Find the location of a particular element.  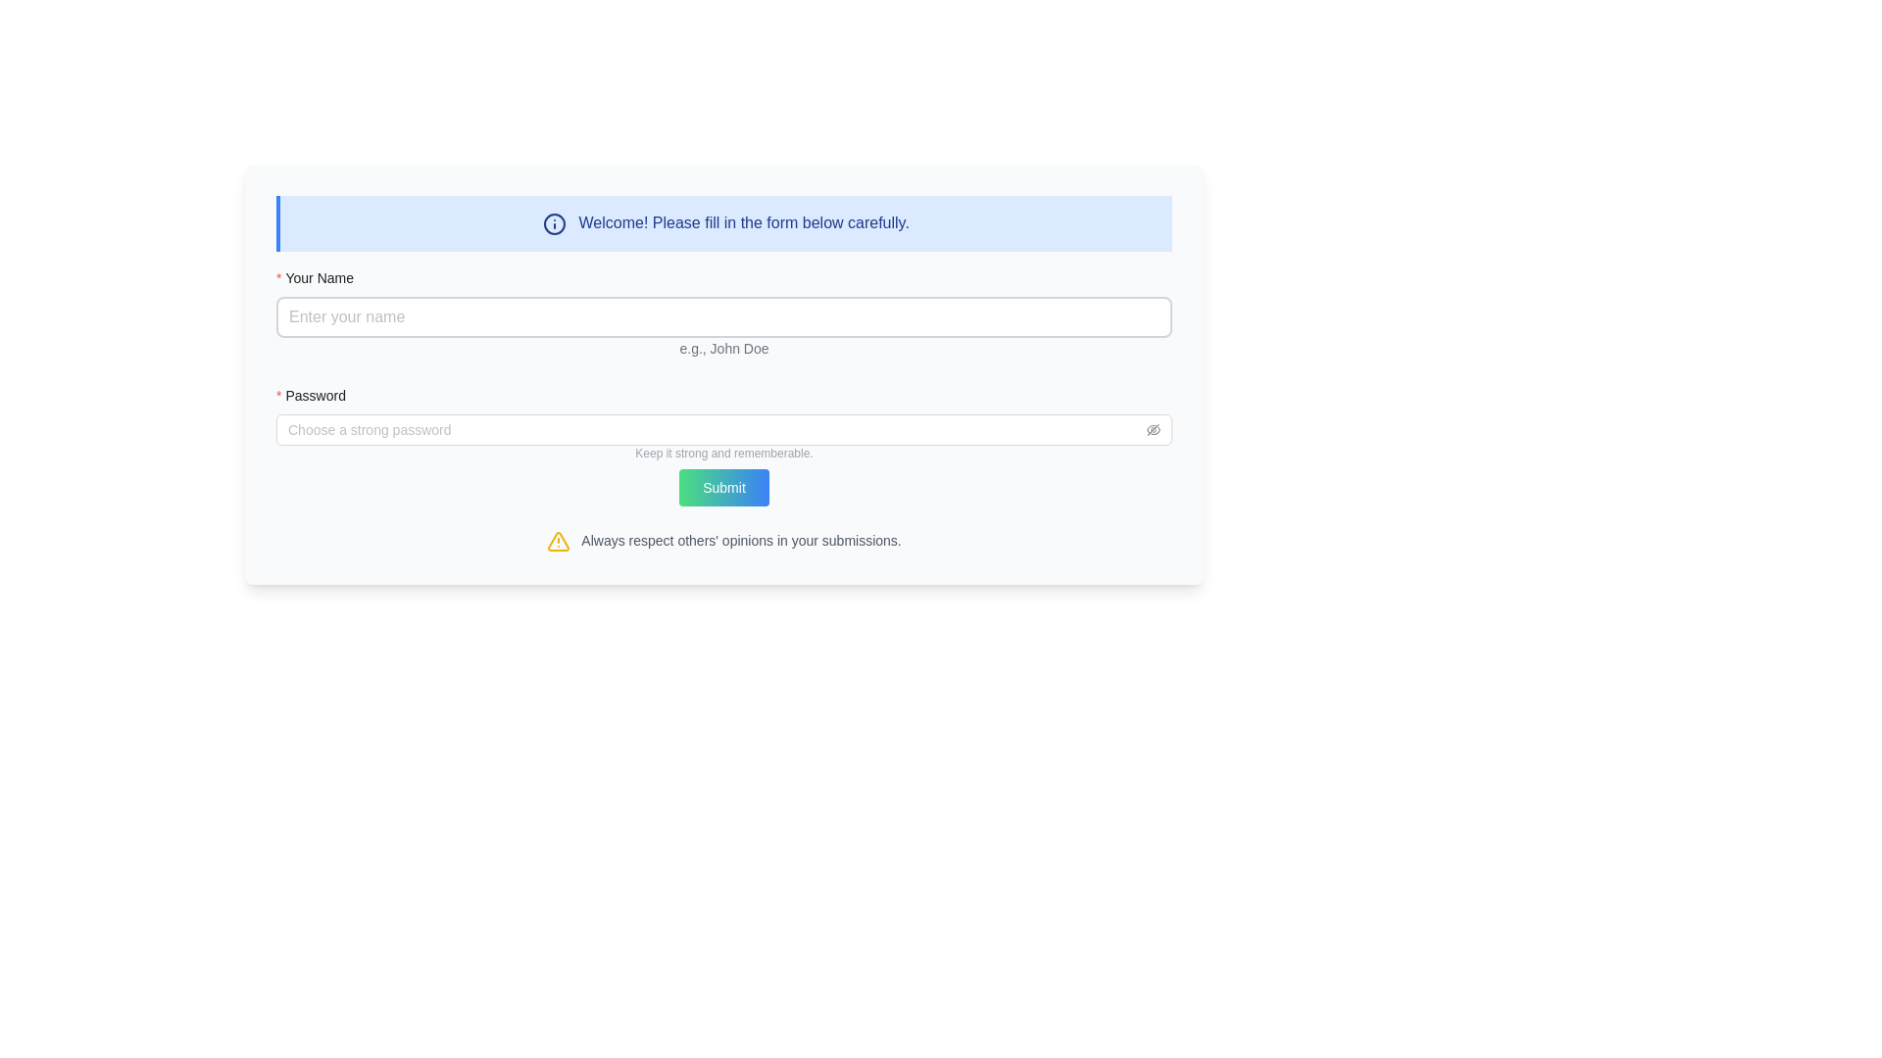

the eye icon button with a strikethrough inside the password input field is located at coordinates (1153, 428).